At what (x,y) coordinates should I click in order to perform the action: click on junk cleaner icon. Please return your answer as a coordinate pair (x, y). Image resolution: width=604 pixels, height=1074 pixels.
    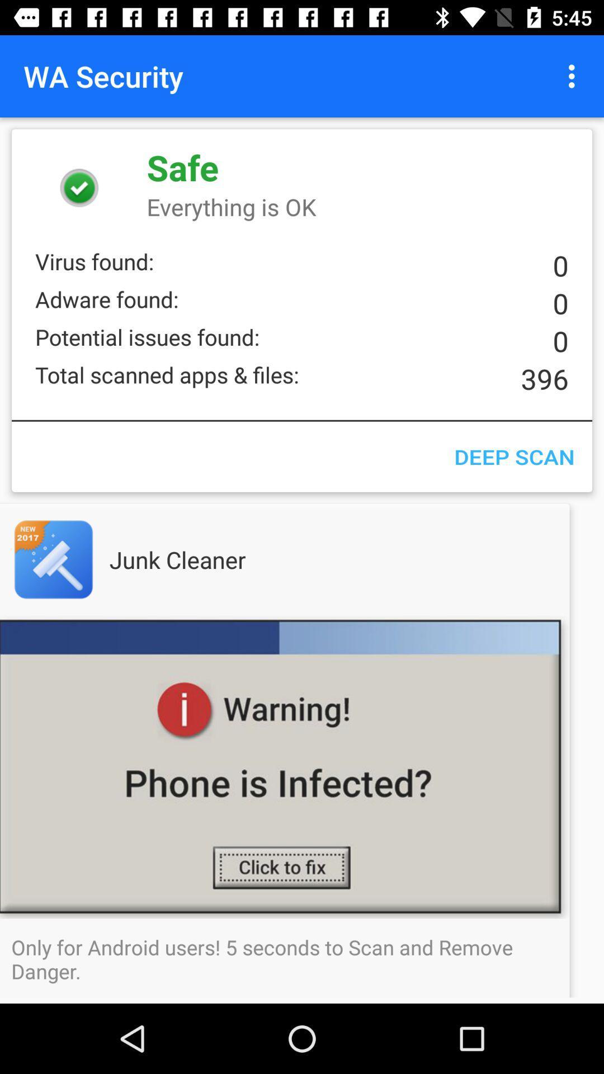
    Looking at the image, I should click on (200, 559).